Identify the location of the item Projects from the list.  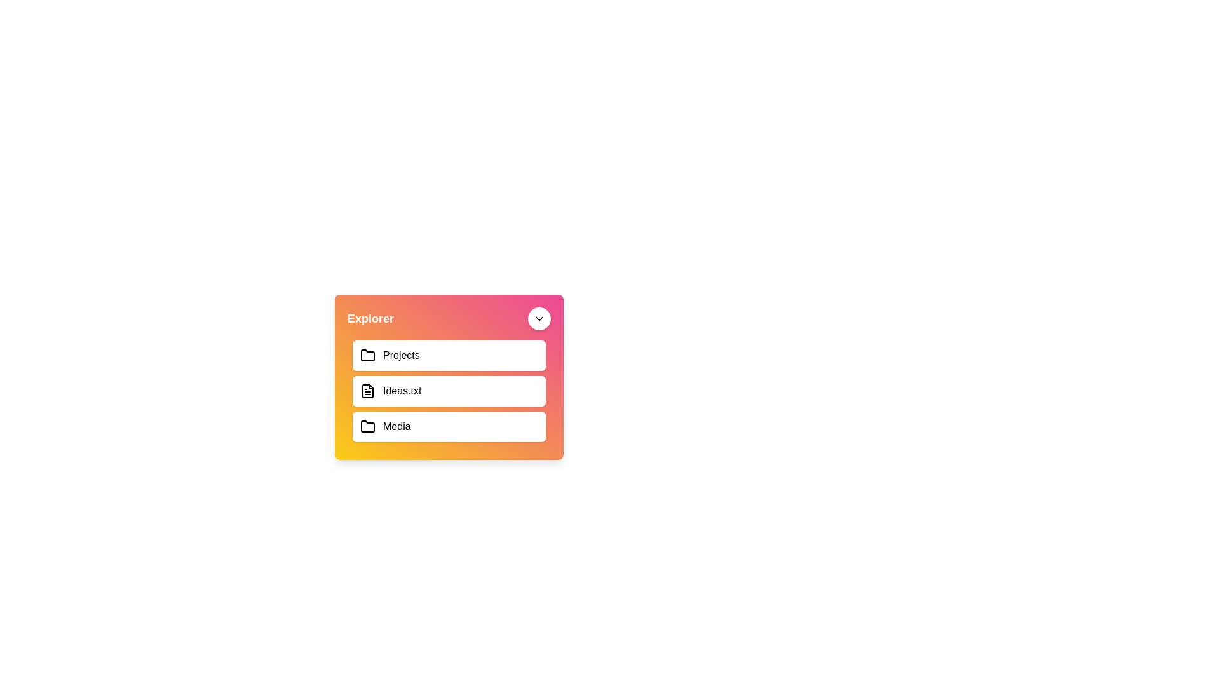
(449, 355).